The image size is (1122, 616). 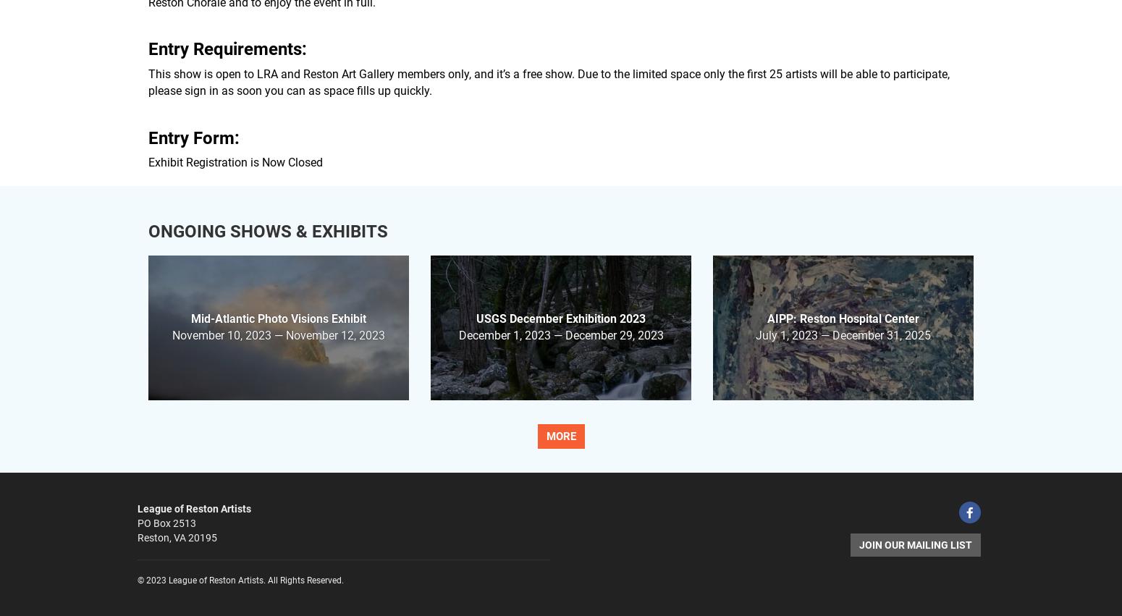 I want to click on 'More', so click(x=560, y=436).